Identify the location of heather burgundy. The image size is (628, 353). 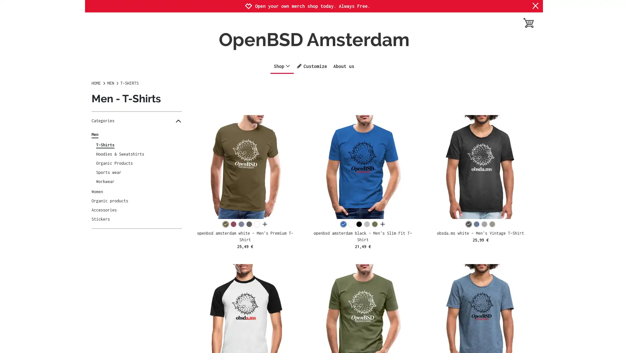
(233, 224).